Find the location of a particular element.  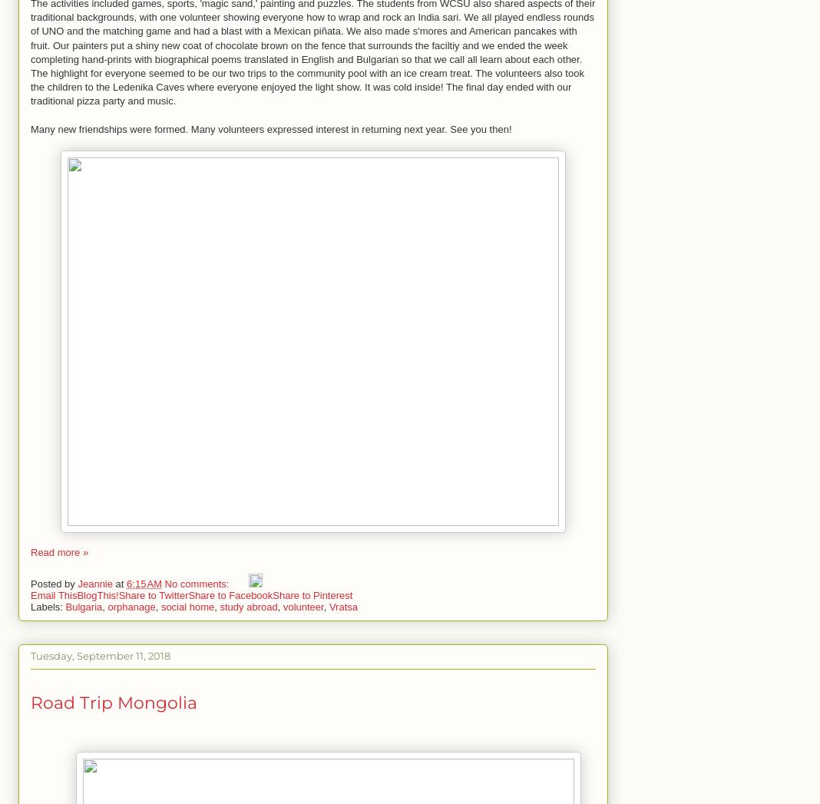

'Jeannie' is located at coordinates (77, 583).